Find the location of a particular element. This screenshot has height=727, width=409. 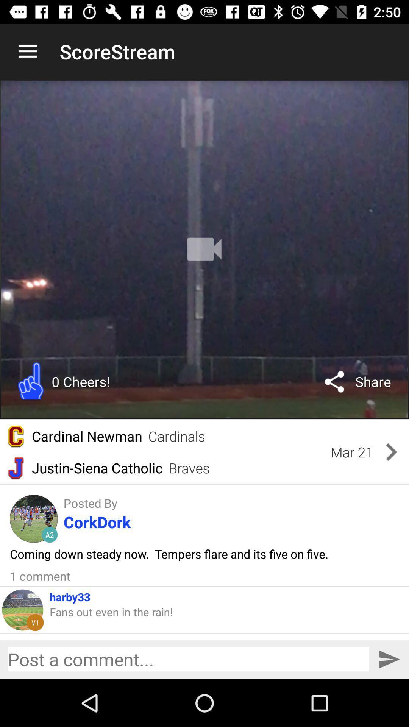

the icon below the posted by item is located at coordinates (97, 521).